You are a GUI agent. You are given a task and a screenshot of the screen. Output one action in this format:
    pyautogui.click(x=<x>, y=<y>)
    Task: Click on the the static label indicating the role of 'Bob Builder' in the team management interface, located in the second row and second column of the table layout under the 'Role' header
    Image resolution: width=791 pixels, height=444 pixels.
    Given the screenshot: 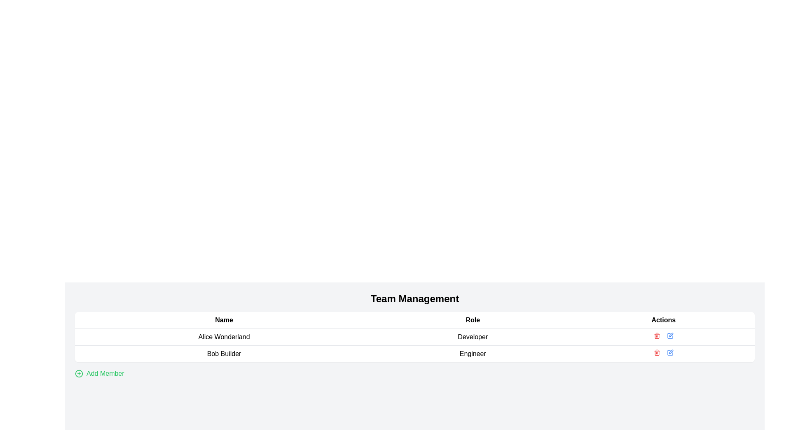 What is the action you would take?
    pyautogui.click(x=473, y=353)
    